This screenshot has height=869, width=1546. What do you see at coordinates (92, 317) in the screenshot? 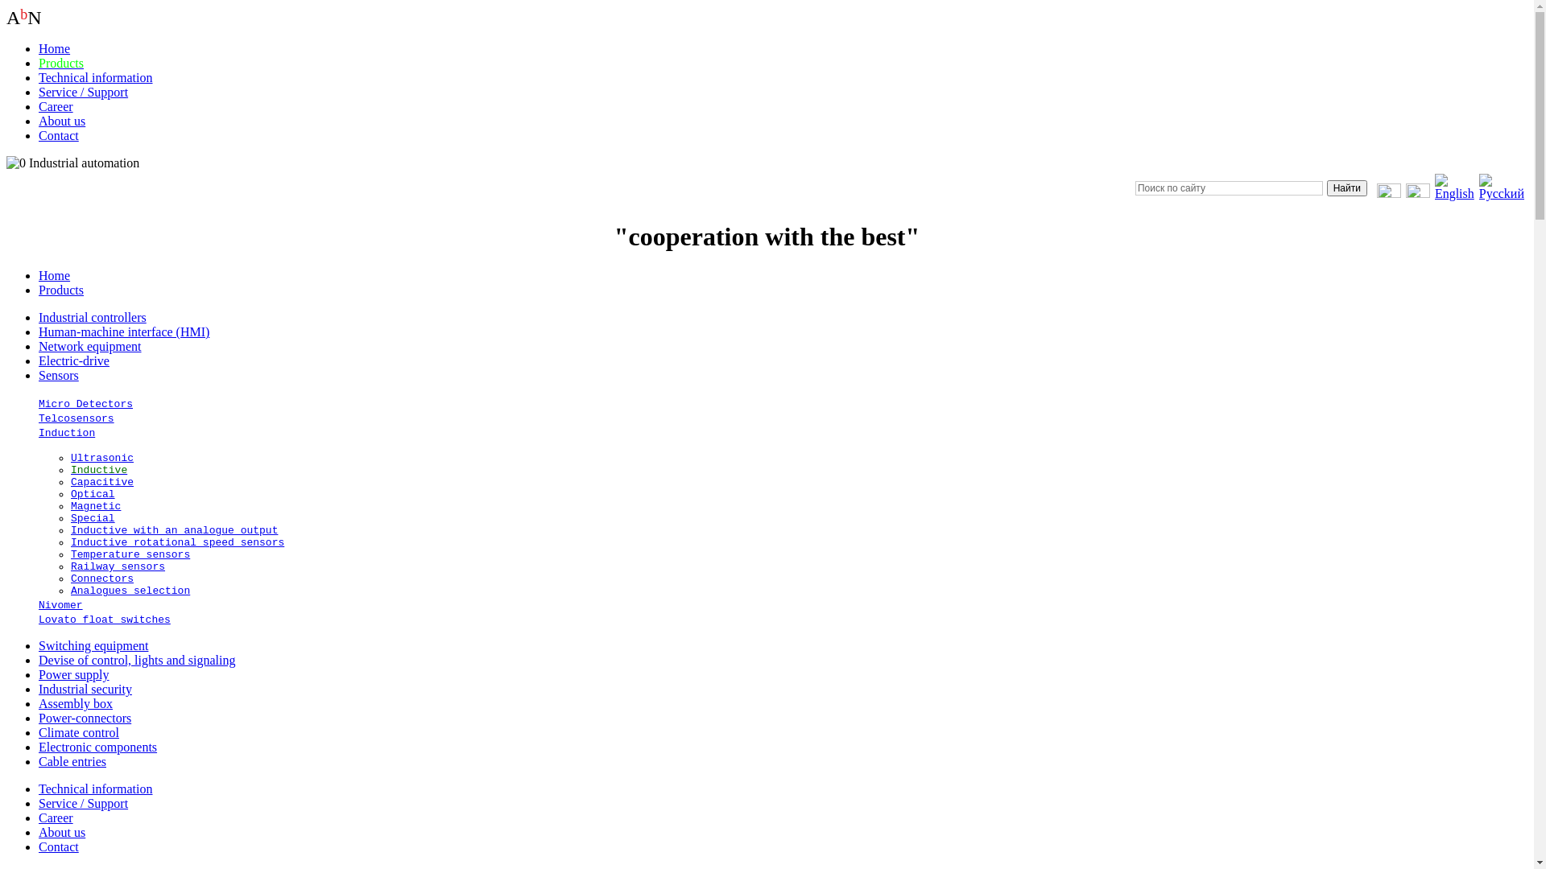
I see `'Industrial controllers'` at bounding box center [92, 317].